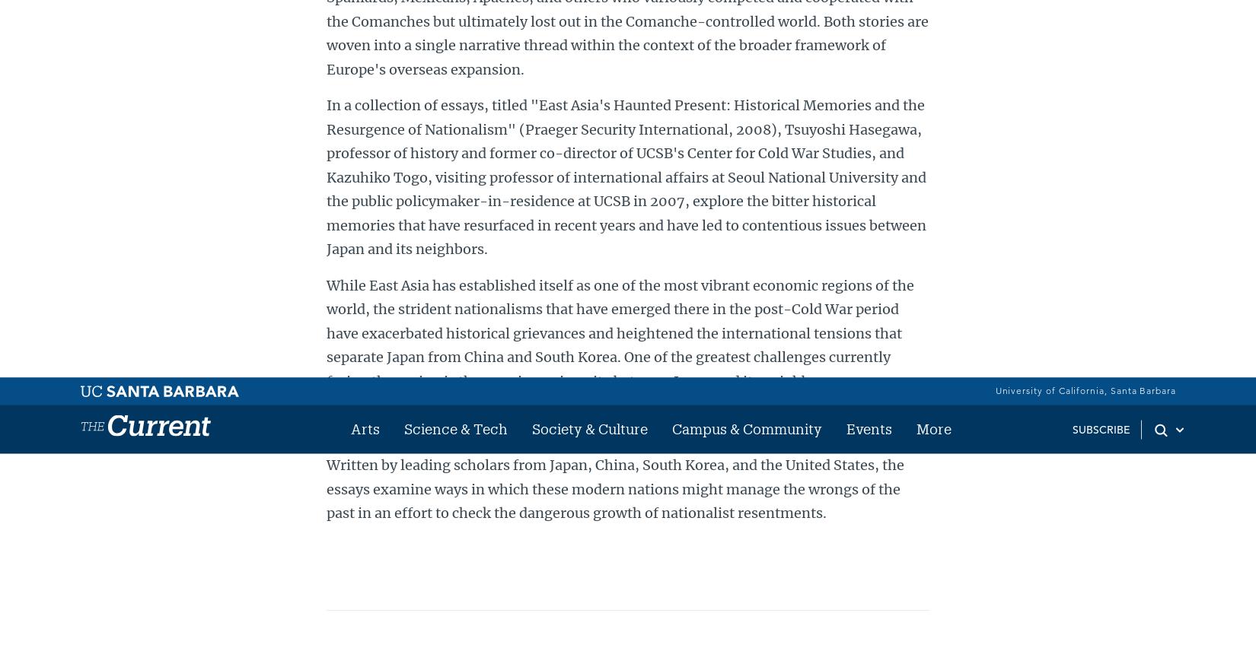  What do you see at coordinates (981, 157) in the screenshot?
I see `'RSS'` at bounding box center [981, 157].